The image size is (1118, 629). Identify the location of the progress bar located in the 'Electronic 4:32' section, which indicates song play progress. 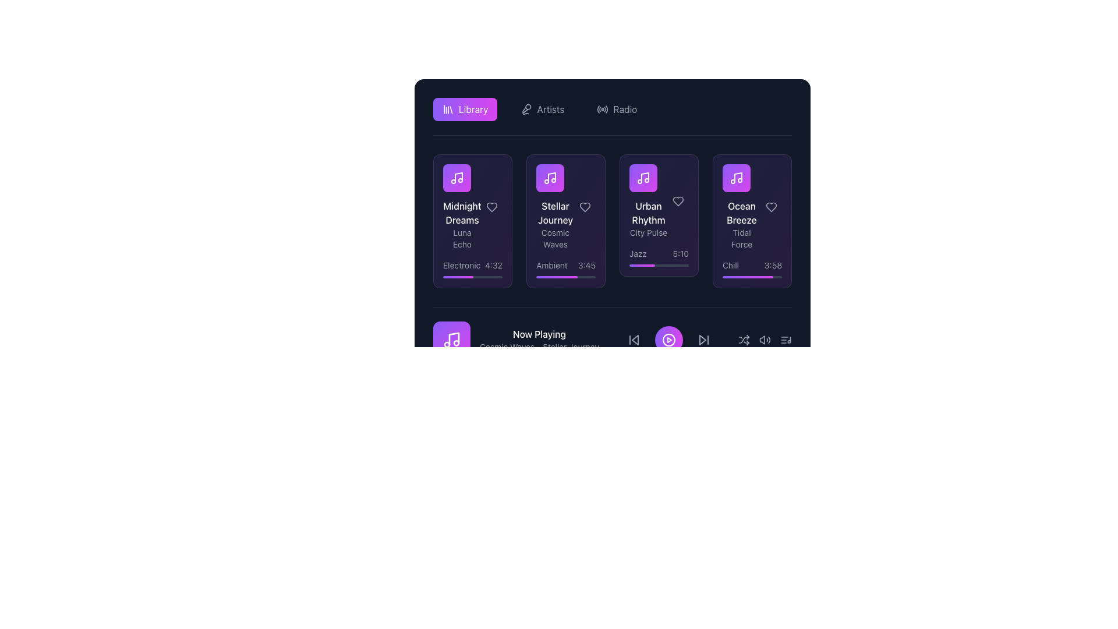
(472, 277).